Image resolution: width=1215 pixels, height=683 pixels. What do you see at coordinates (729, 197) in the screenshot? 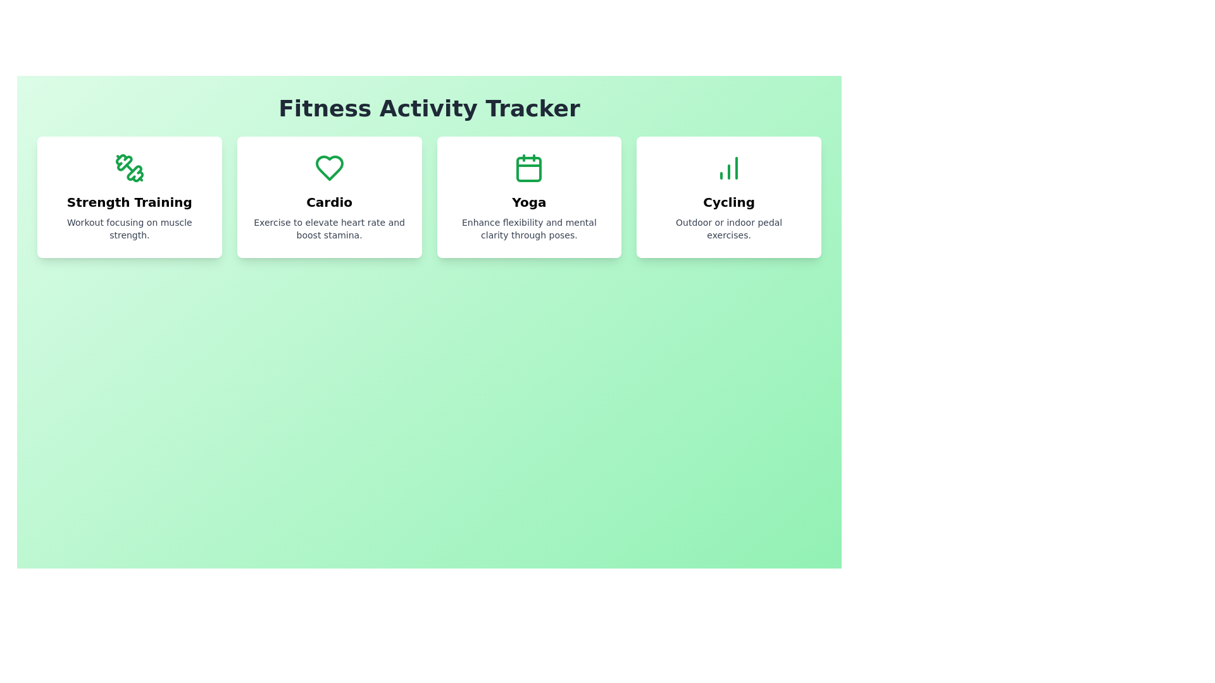
I see `the fourth informative card in the horizontally aligned list that provides information about cycling activities` at bounding box center [729, 197].